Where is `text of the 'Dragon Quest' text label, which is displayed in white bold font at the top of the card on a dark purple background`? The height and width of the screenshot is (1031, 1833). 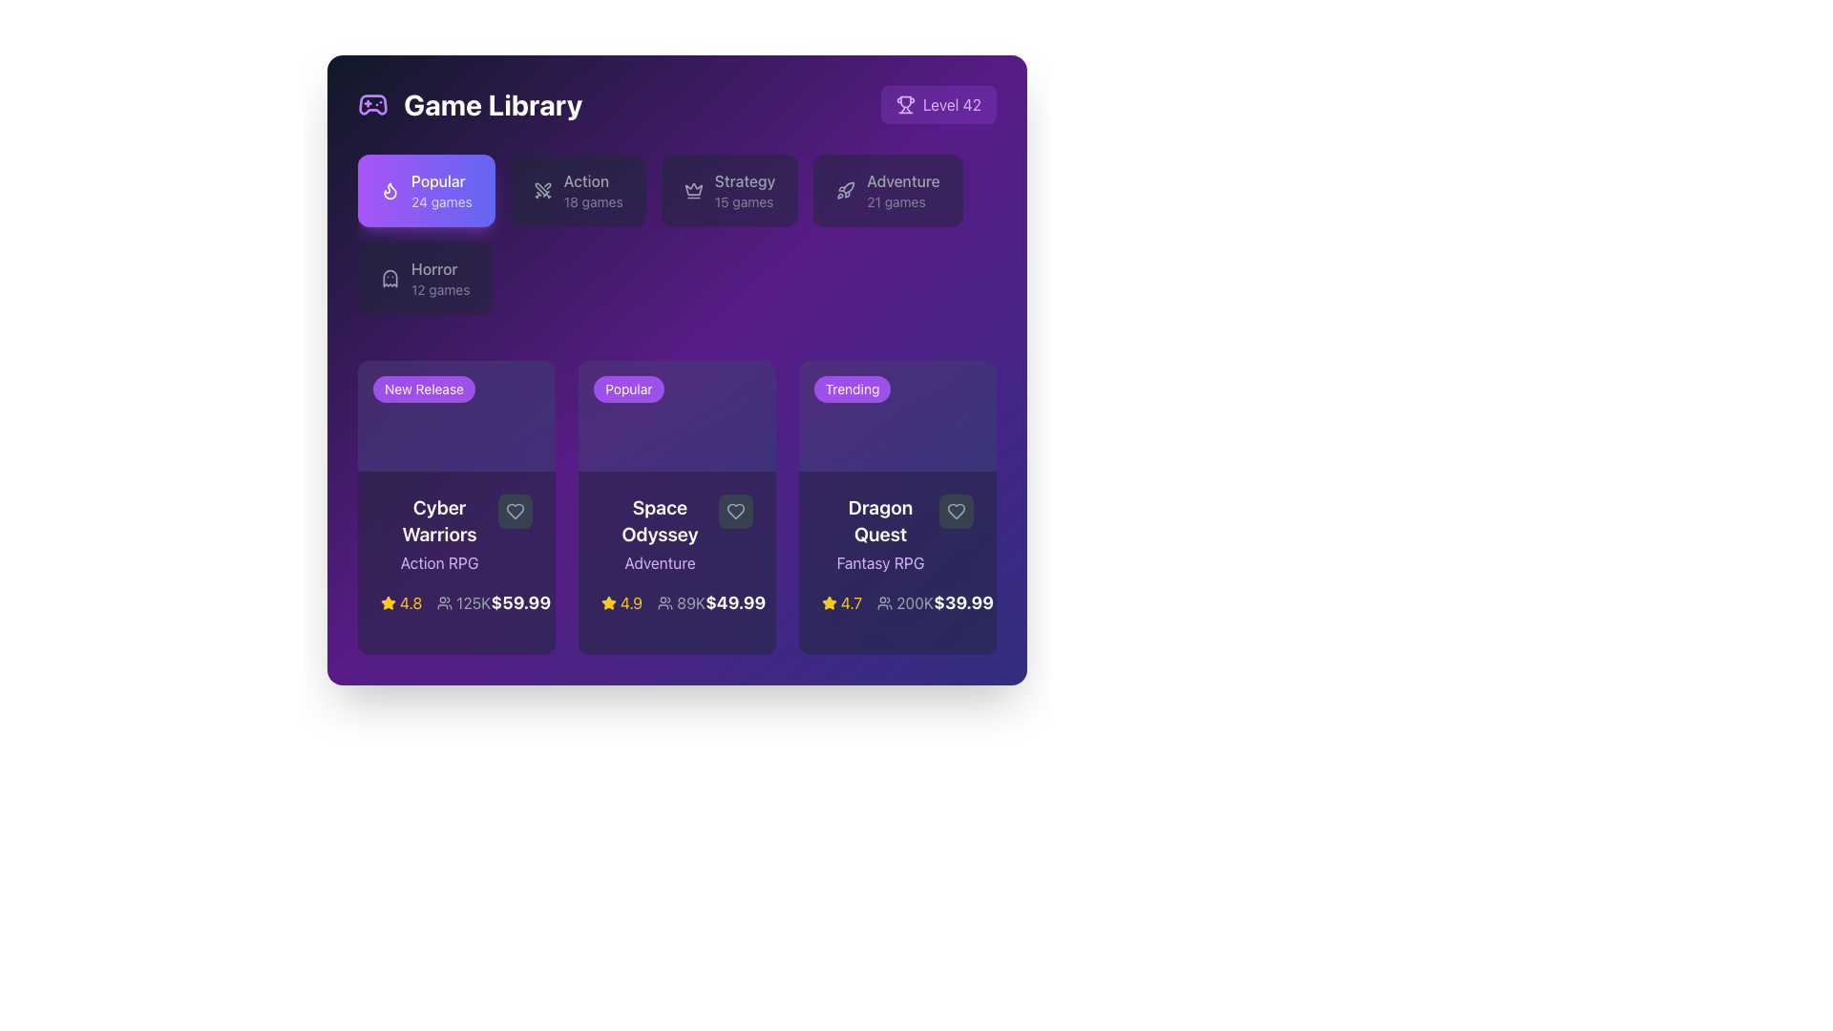
text of the 'Dragon Quest' text label, which is displayed in white bold font at the top of the card on a dark purple background is located at coordinates (879, 521).